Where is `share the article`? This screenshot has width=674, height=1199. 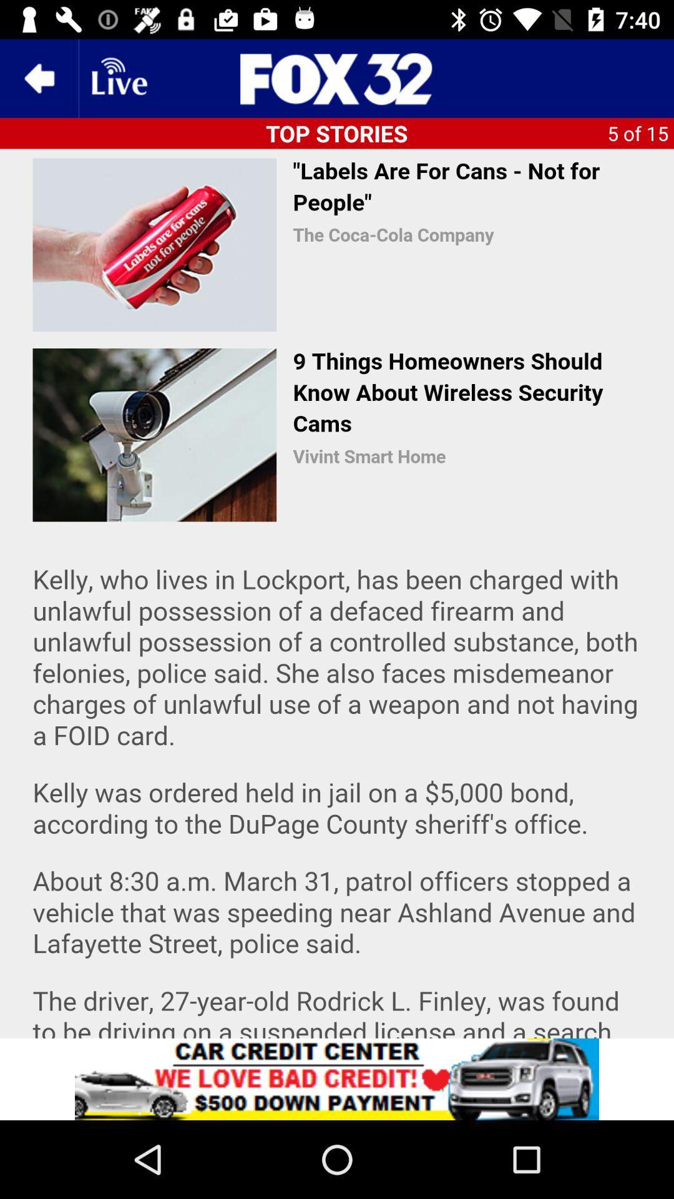
share the article is located at coordinates (337, 77).